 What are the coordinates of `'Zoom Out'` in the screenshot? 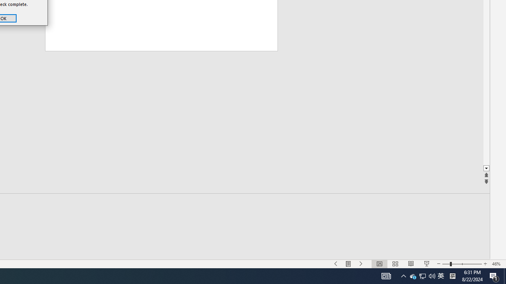 It's located at (440, 275).